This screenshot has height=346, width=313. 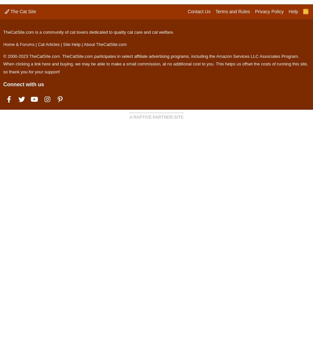 I want to click on 'Cat Articles', so click(x=38, y=44).